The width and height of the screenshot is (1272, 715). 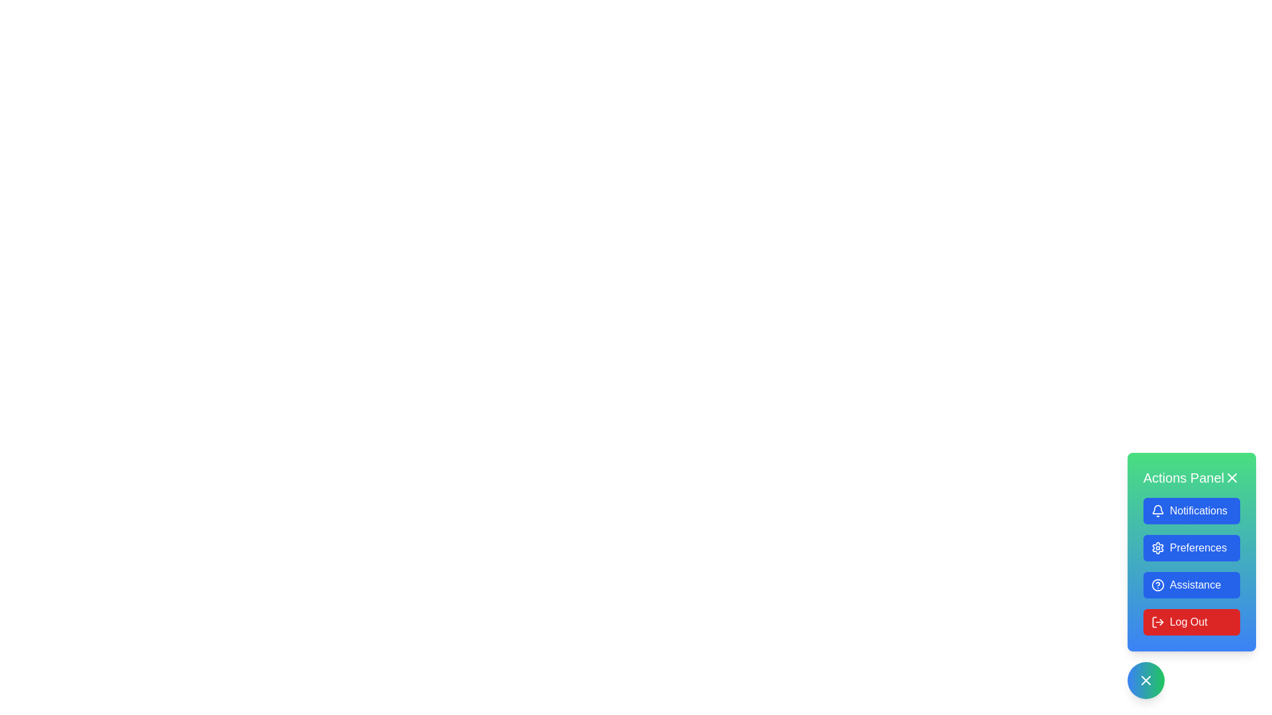 I want to click on the cogwheel icon representing settings functionality located at the left-hand side of the 'Preferences' button in the 'Actions Panel' interface, so click(x=1157, y=548).